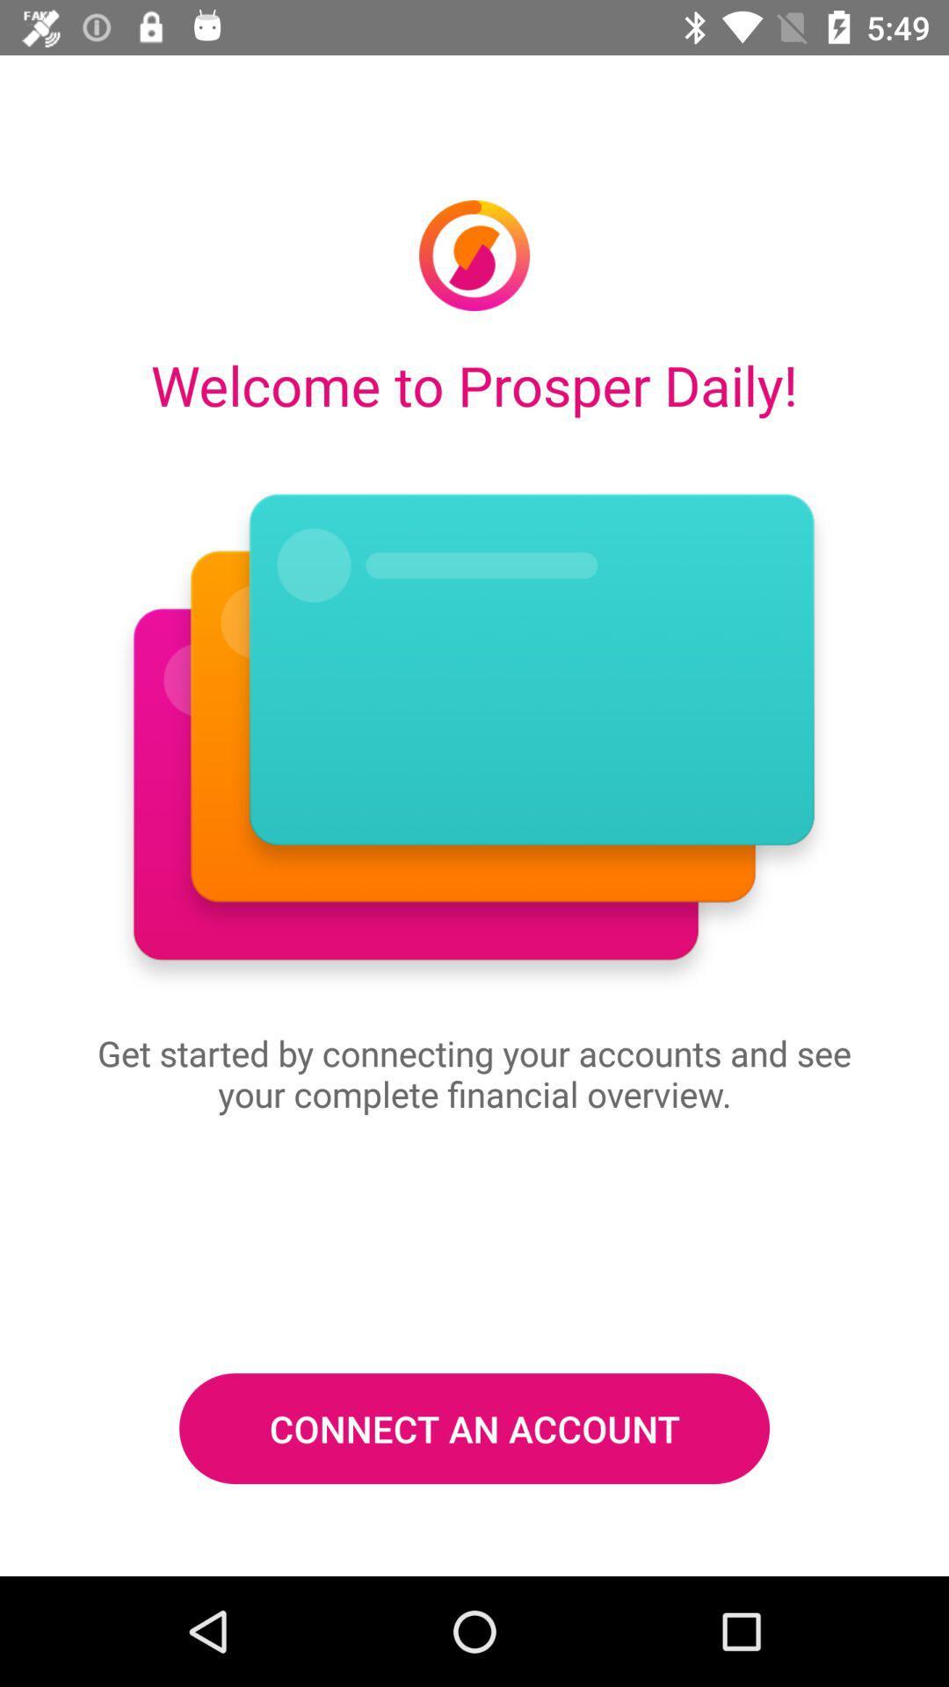 This screenshot has height=1687, width=949. What do you see at coordinates (474, 1429) in the screenshot?
I see `connect an account icon` at bounding box center [474, 1429].